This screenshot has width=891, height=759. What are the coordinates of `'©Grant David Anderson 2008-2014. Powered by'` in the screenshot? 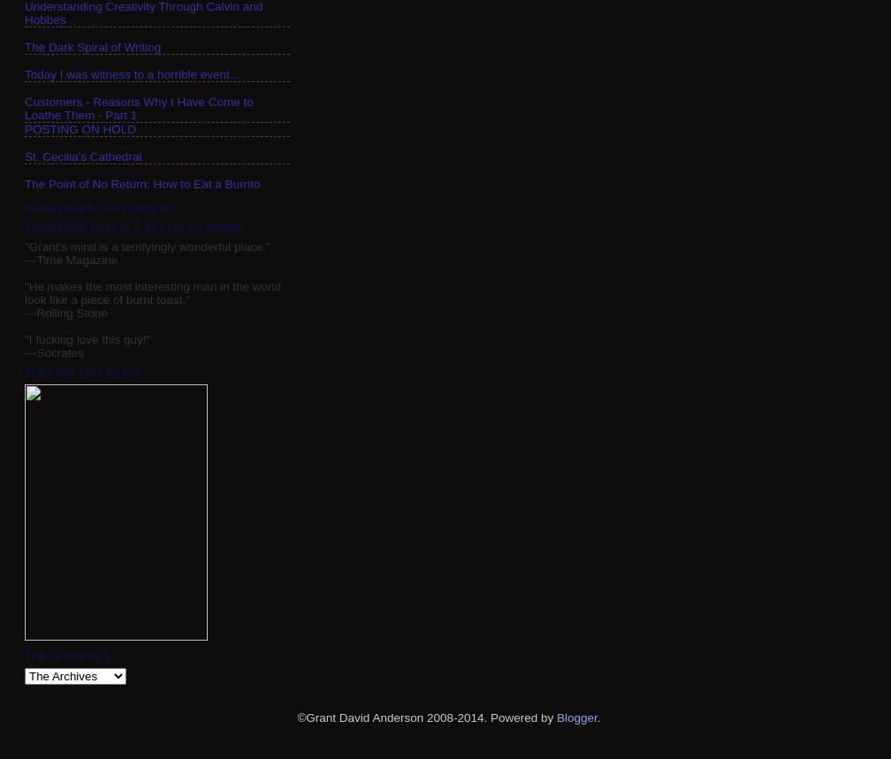 It's located at (296, 717).